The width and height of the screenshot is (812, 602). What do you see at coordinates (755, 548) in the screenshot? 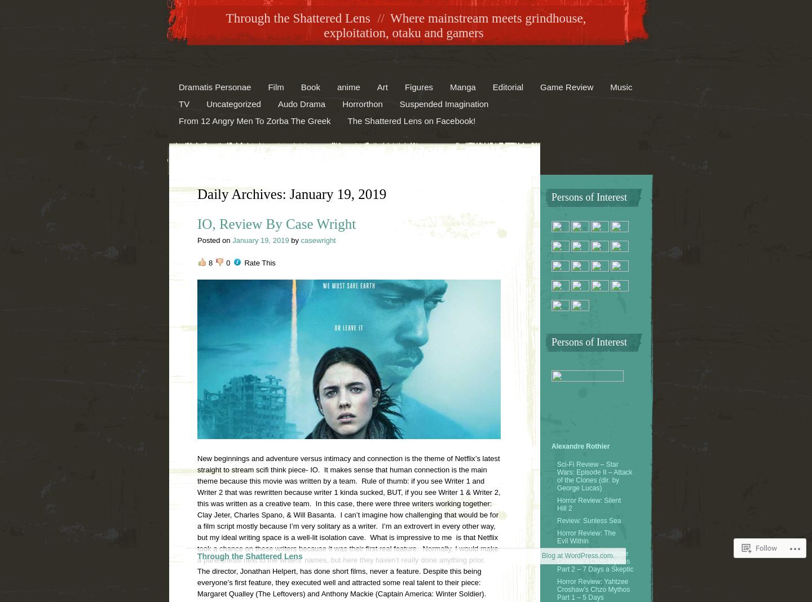
I see `'Follow'` at bounding box center [755, 548].